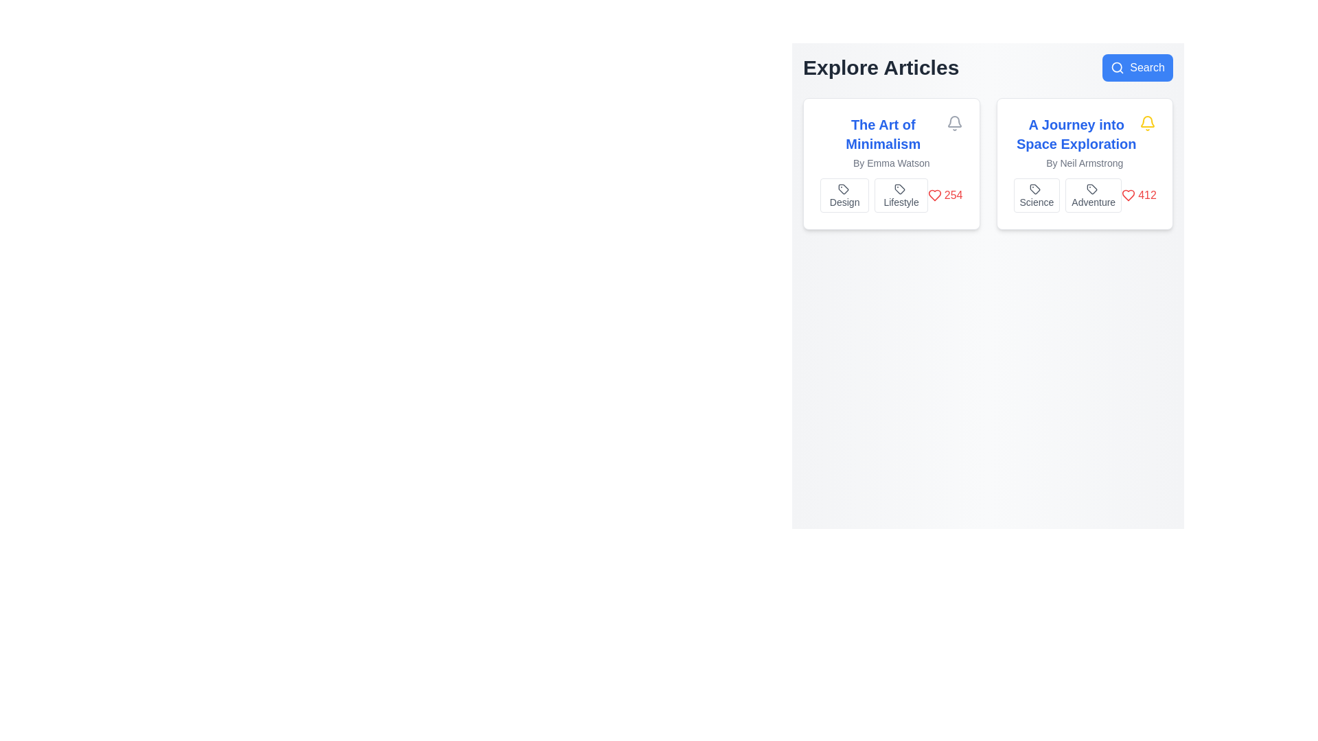 Image resolution: width=1318 pixels, height=741 pixels. I want to click on the decorative icon associated with the 'Lifestyle' category label in the first article card titled 'The Art of Minimalism' in the 'Explore Articles' section, so click(899, 189).